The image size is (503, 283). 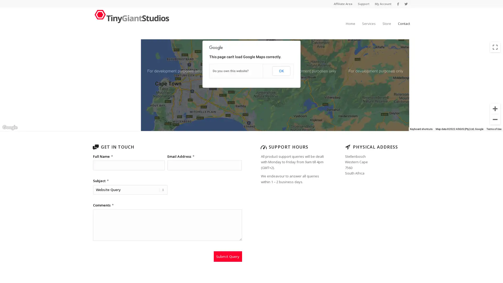 I want to click on Keyboard shortcuts, so click(x=421, y=129).